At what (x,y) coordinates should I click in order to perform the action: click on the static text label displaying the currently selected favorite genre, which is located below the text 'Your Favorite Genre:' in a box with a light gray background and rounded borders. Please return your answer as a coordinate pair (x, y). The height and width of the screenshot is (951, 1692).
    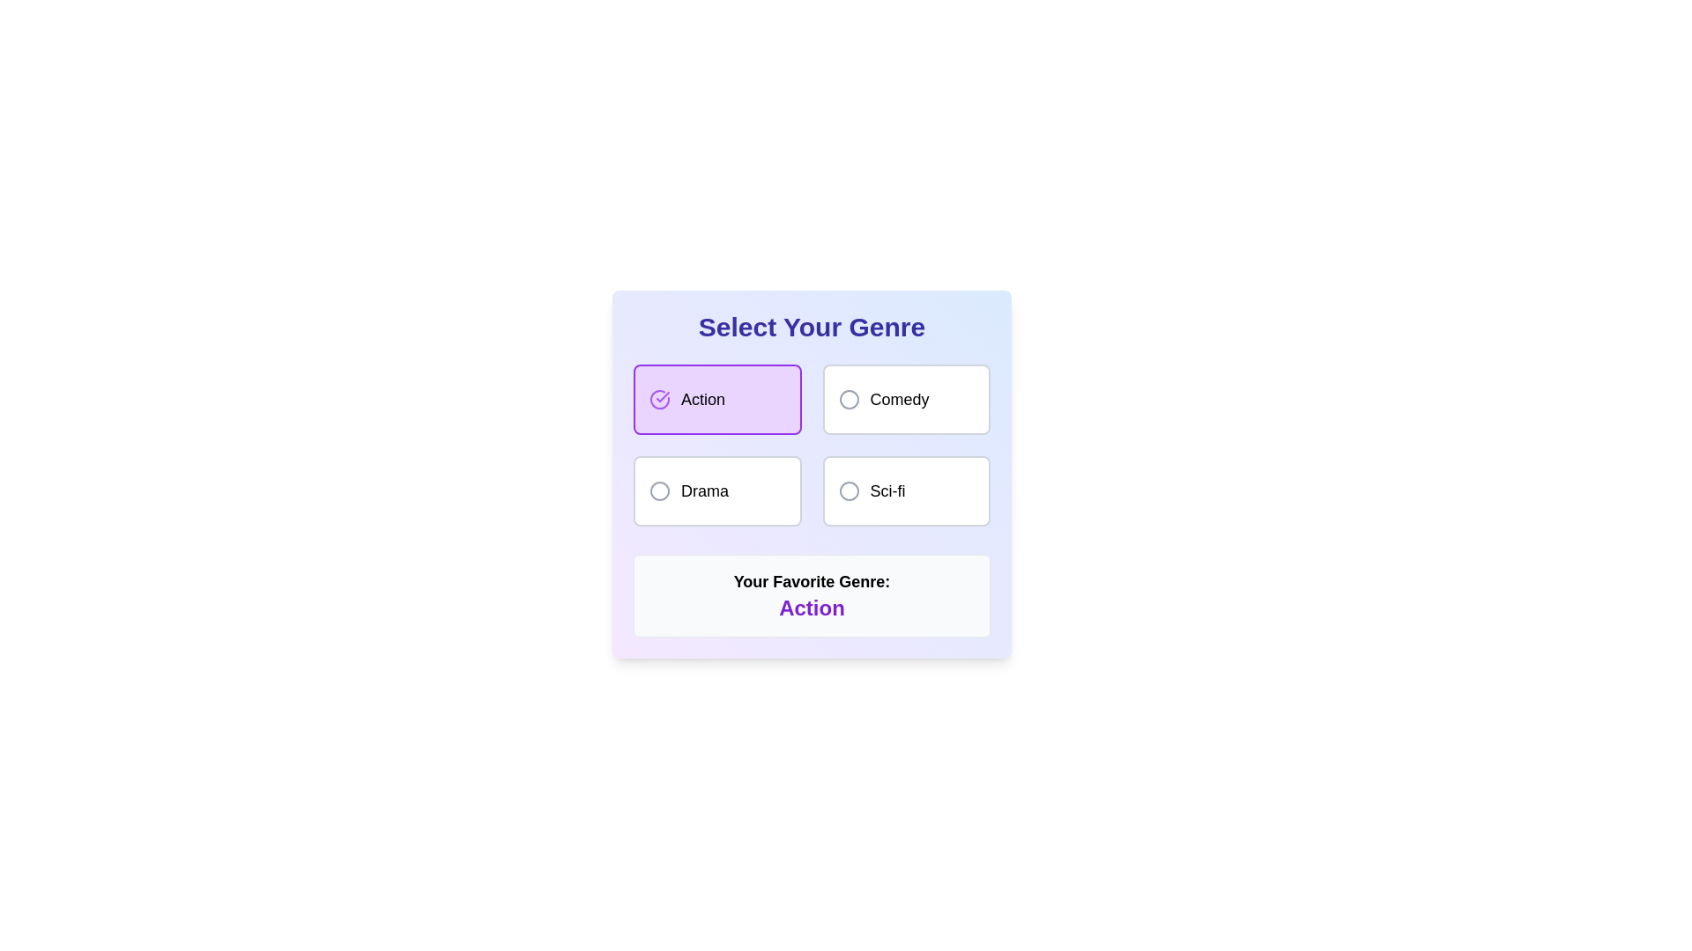
    Looking at the image, I should click on (811, 607).